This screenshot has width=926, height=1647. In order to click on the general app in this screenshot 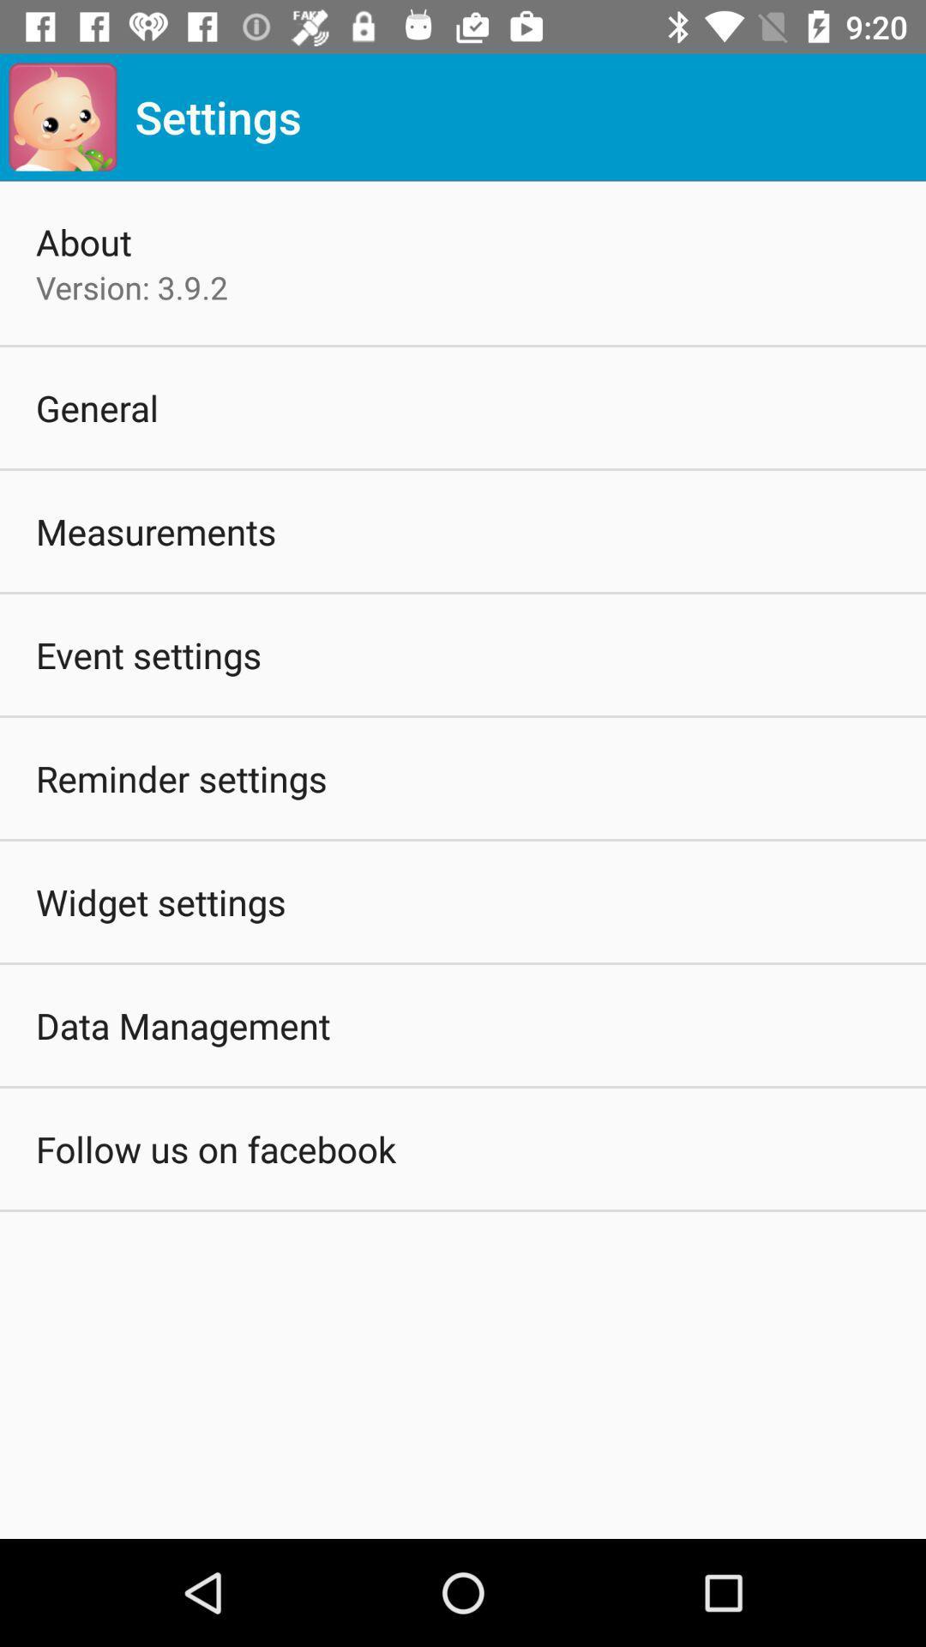, I will do `click(97, 407)`.